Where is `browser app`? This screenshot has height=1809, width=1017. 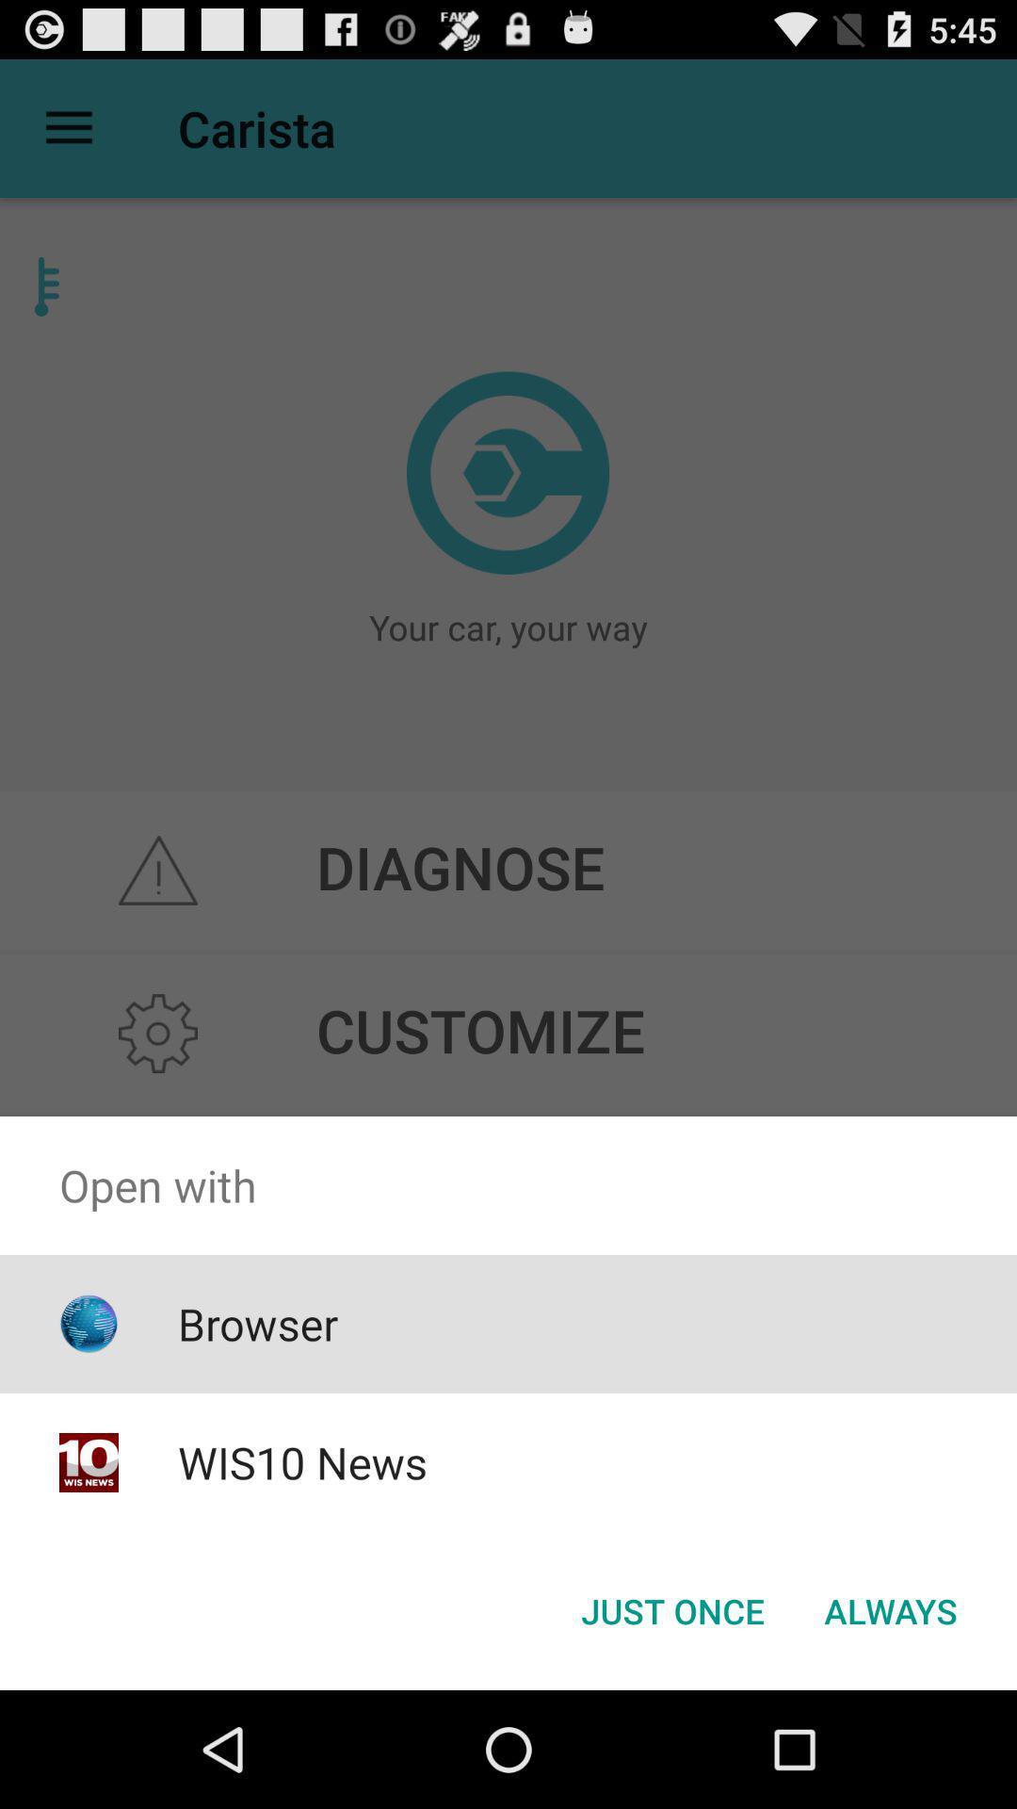
browser app is located at coordinates (258, 1323).